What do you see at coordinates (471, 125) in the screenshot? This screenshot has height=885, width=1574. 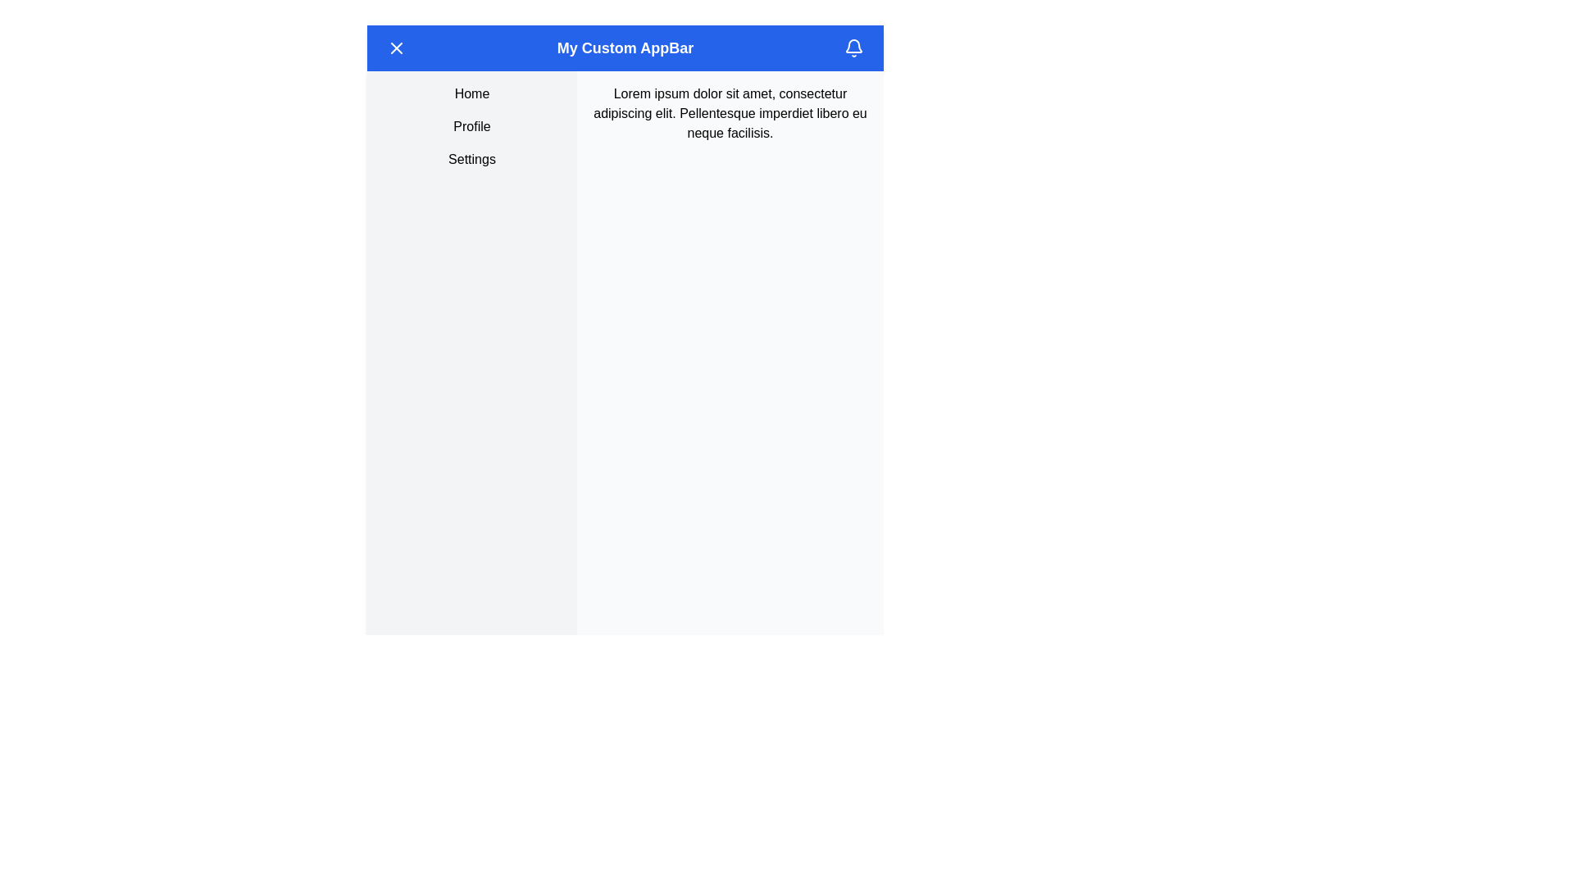 I see `the 'Profile' label, which is the second item in the vertical list of options in the side menu panel` at bounding box center [471, 125].